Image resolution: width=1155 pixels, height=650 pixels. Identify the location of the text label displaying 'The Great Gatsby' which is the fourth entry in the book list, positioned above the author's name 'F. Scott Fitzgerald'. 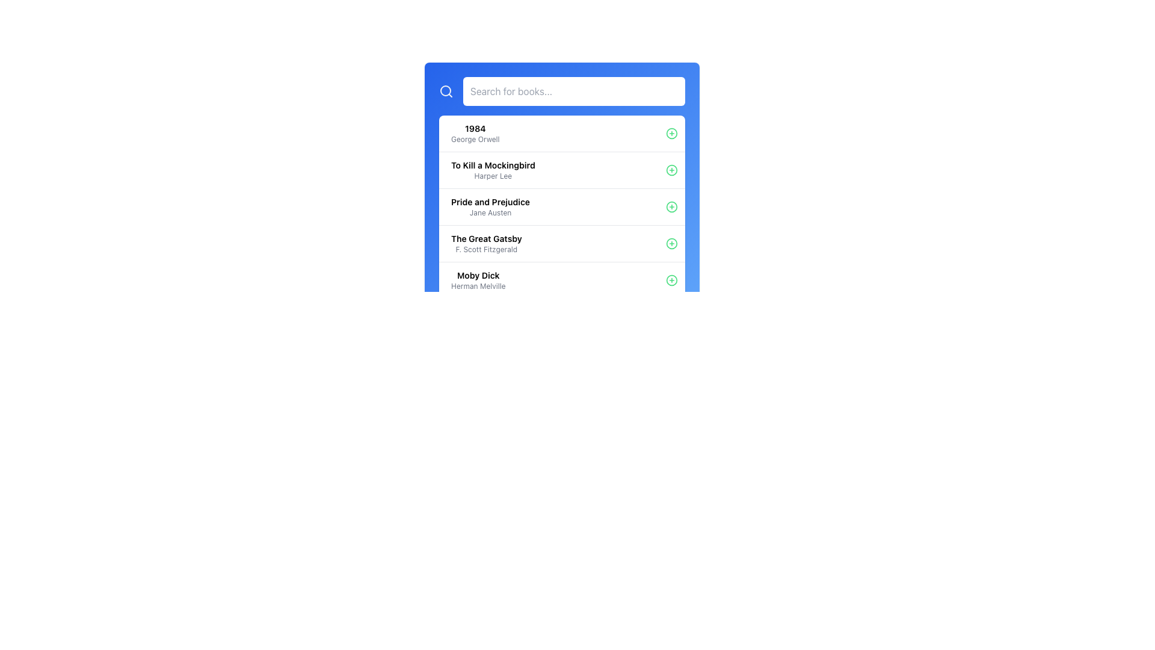
(486, 239).